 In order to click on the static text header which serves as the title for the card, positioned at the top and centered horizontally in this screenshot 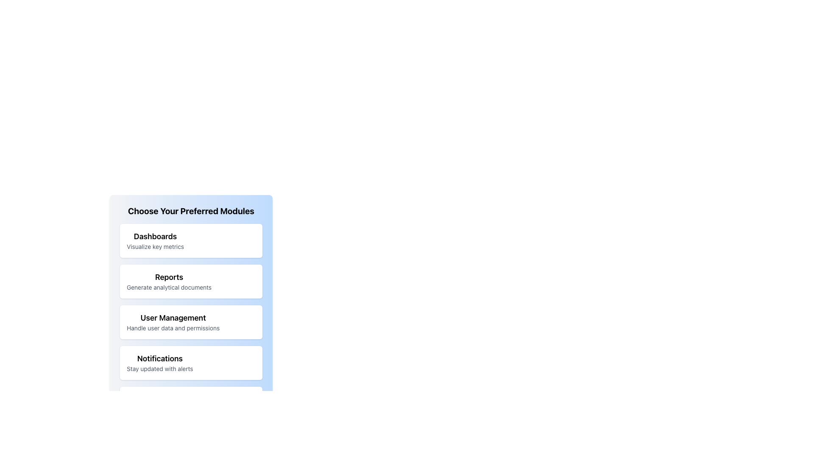, I will do `click(191, 210)`.